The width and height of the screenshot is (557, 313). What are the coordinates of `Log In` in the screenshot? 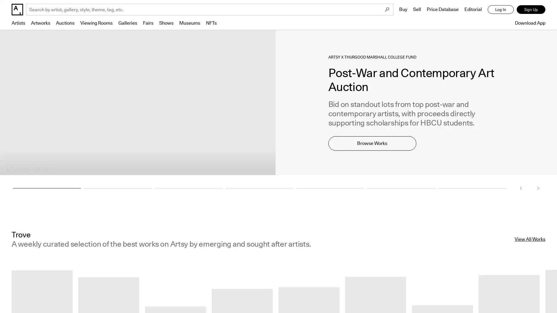 It's located at (500, 10).